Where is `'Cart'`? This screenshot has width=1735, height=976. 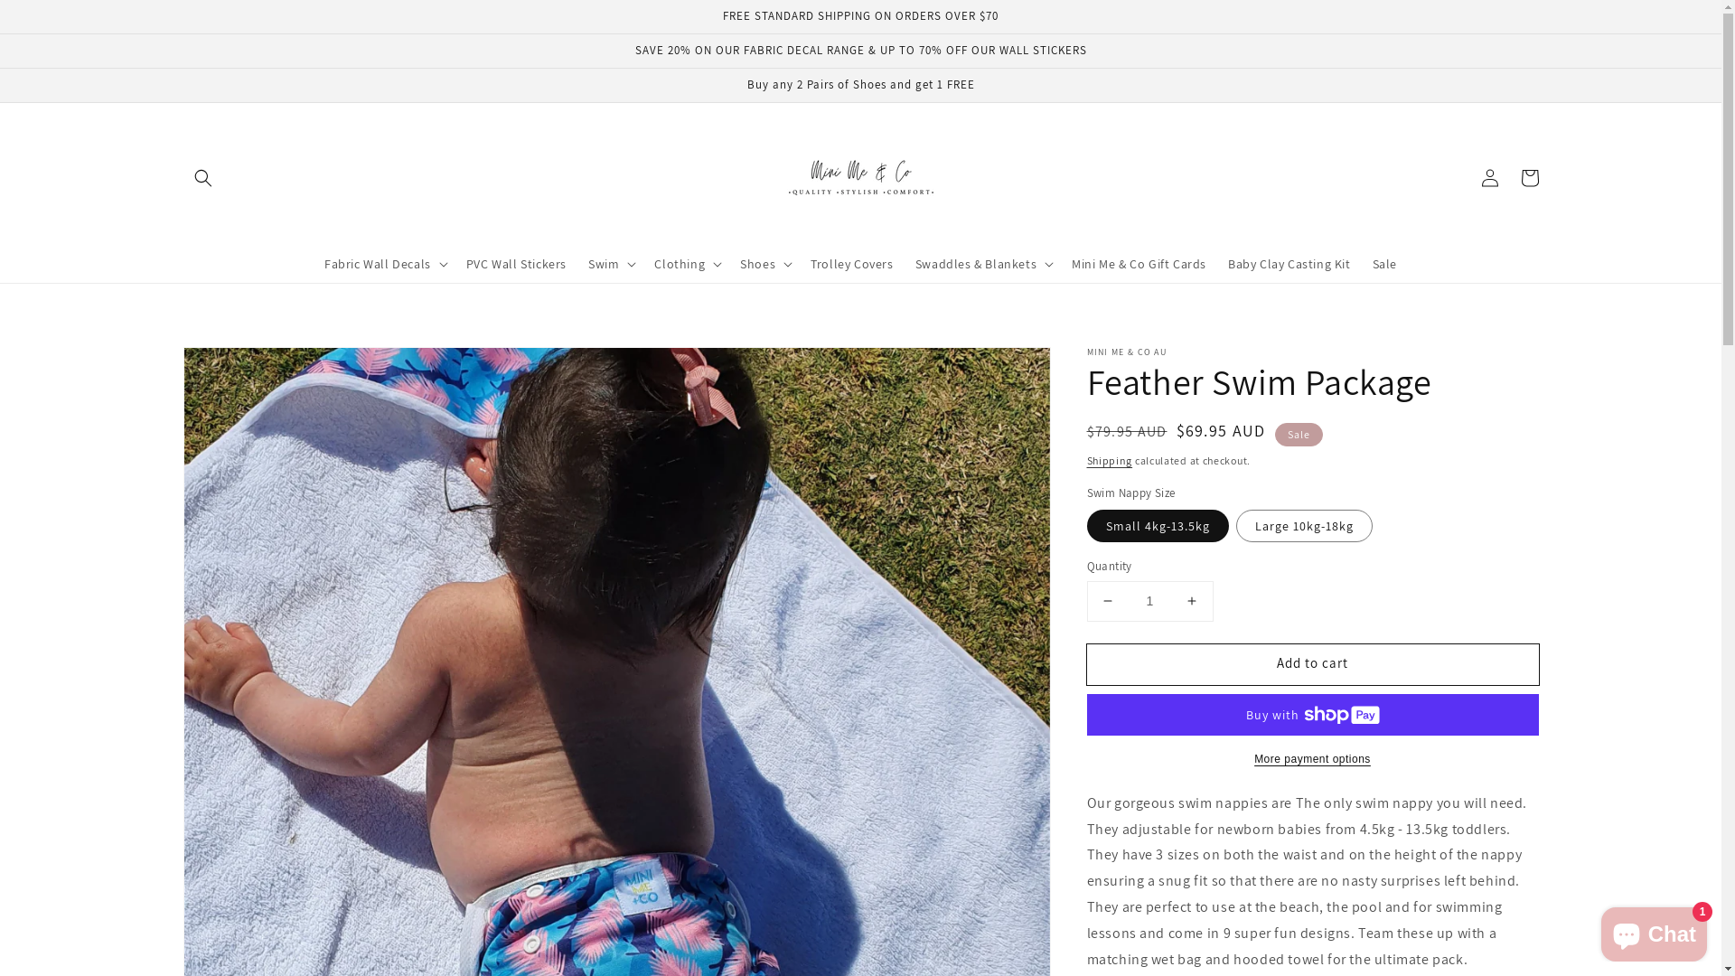 'Cart' is located at coordinates (1509, 177).